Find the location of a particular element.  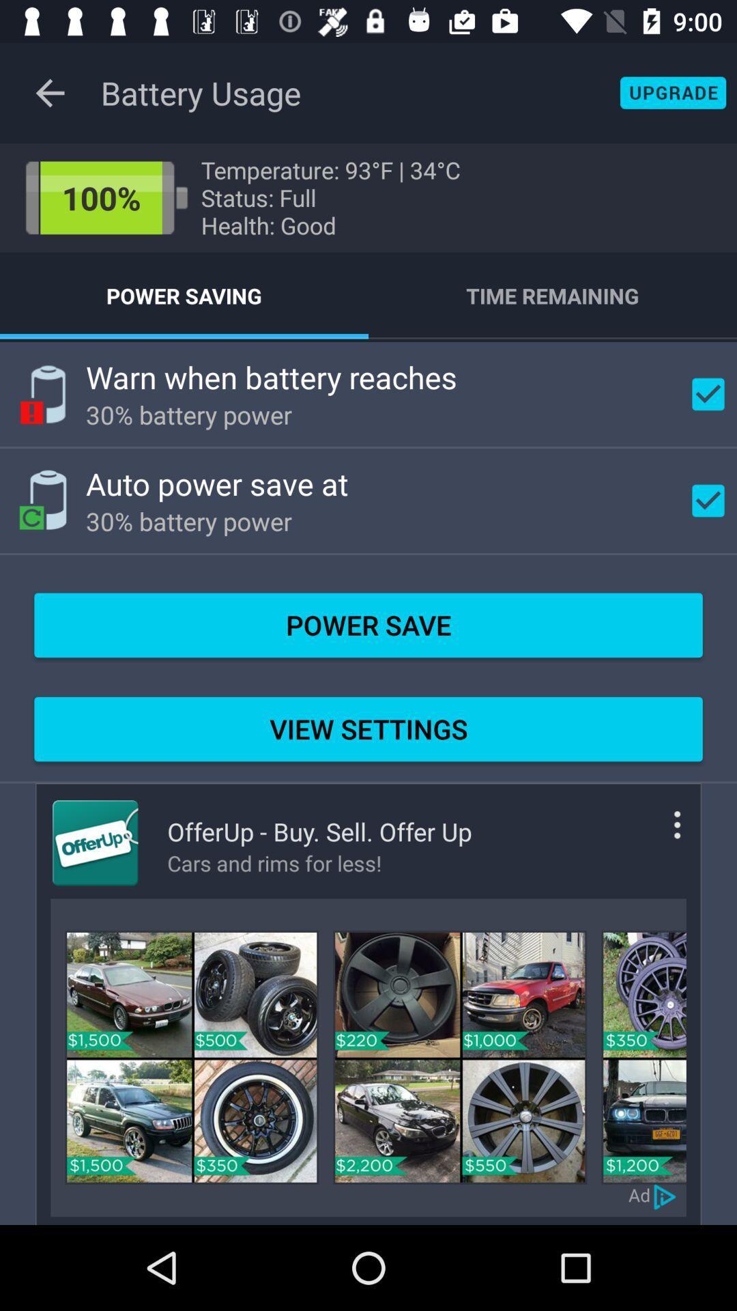

car is located at coordinates (460, 1056).